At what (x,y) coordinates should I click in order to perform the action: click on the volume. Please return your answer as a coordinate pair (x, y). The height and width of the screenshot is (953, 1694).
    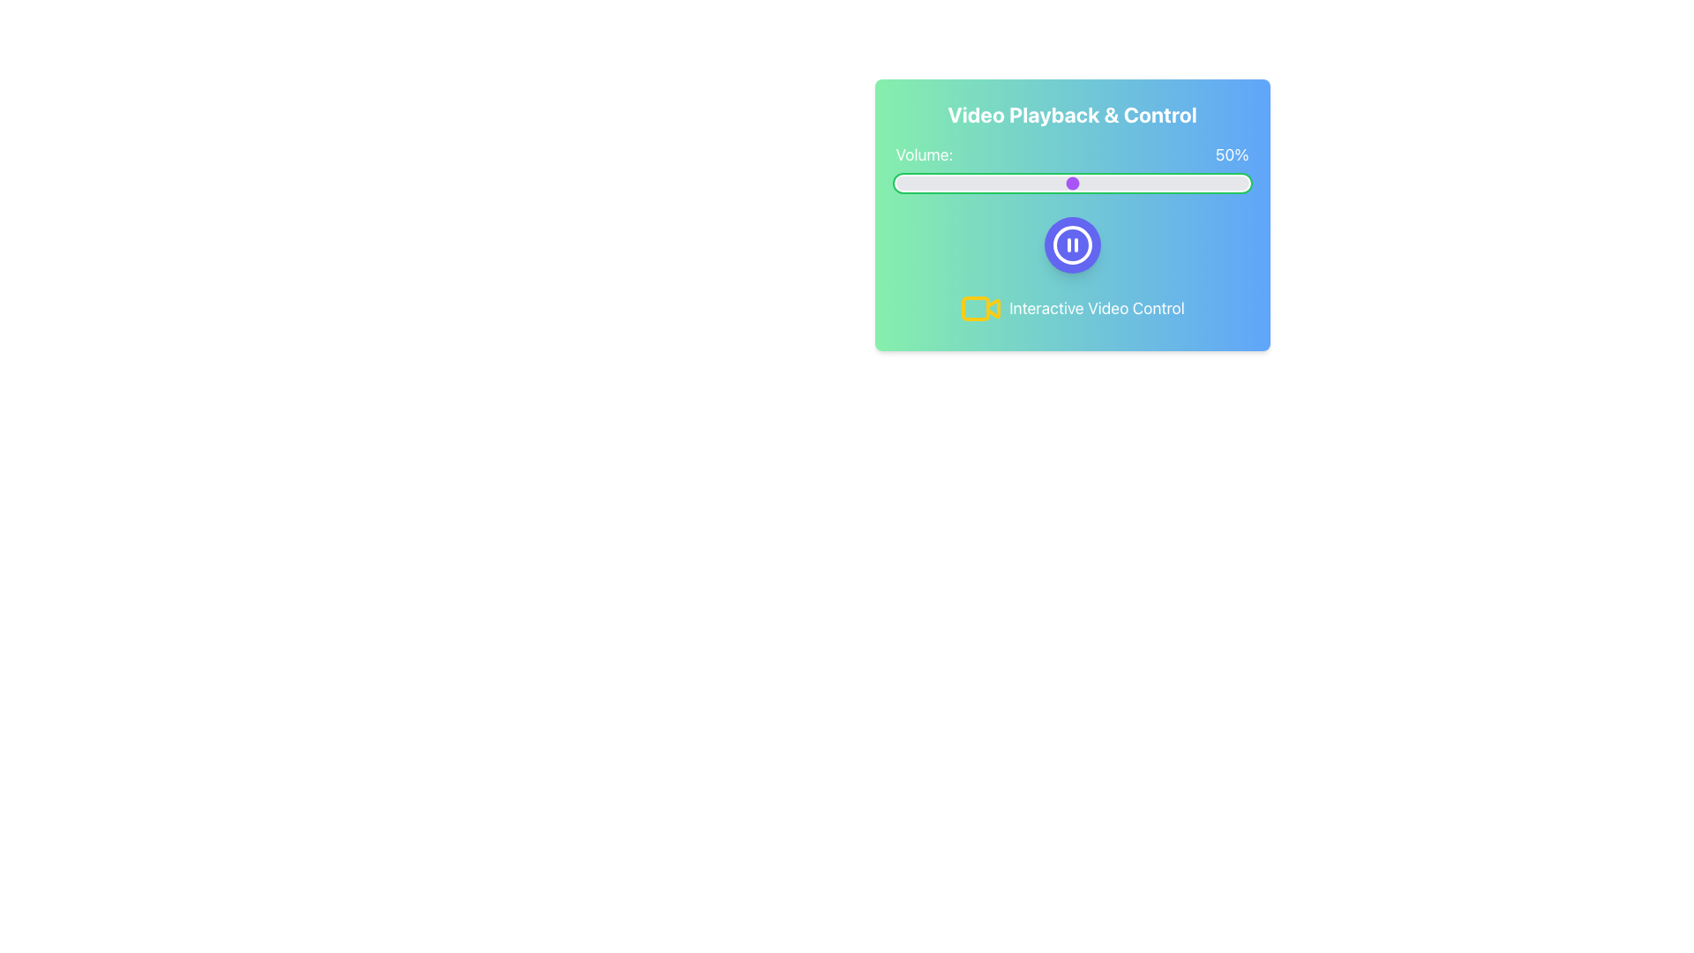
    Looking at the image, I should click on (1199, 184).